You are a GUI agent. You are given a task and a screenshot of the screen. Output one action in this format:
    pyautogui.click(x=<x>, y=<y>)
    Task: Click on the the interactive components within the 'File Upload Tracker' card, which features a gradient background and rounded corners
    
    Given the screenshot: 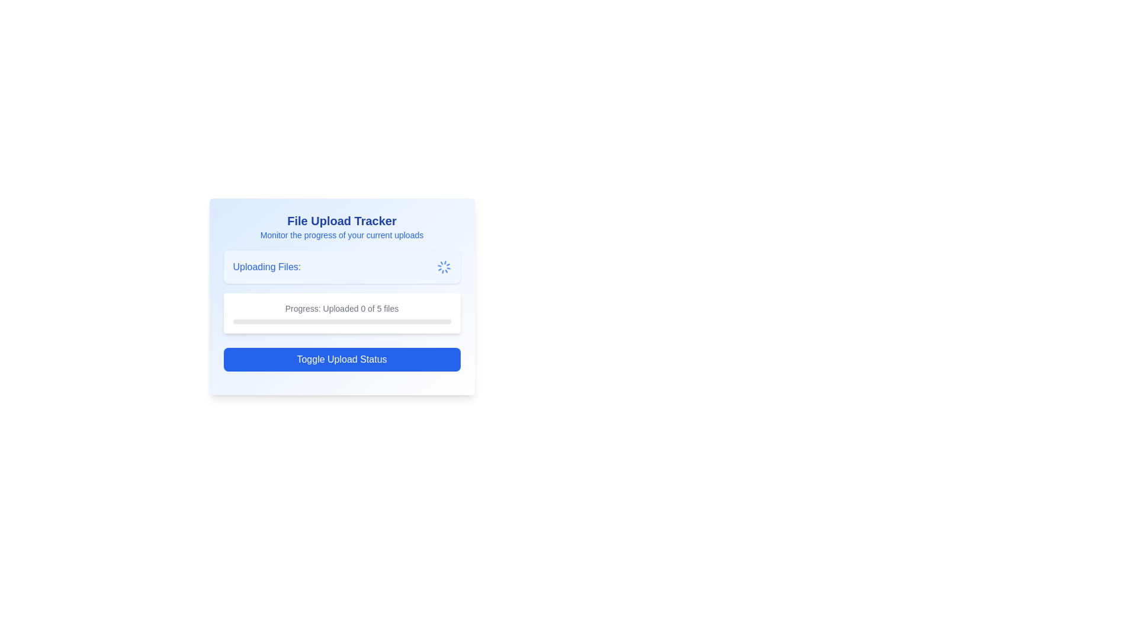 What is the action you would take?
    pyautogui.click(x=341, y=296)
    